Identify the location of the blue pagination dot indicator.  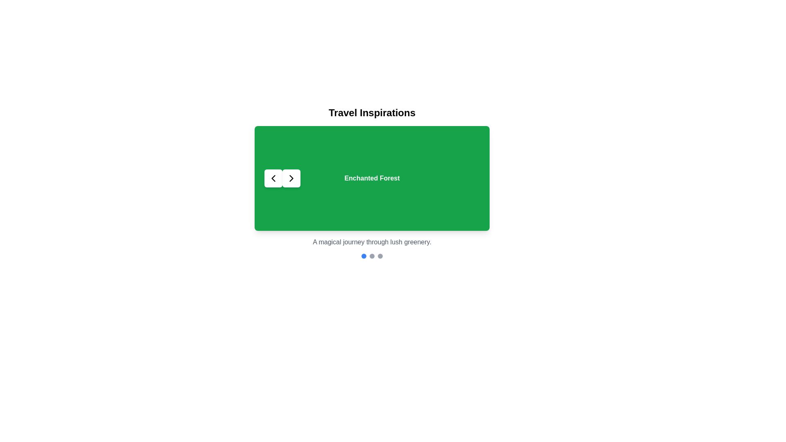
(371, 255).